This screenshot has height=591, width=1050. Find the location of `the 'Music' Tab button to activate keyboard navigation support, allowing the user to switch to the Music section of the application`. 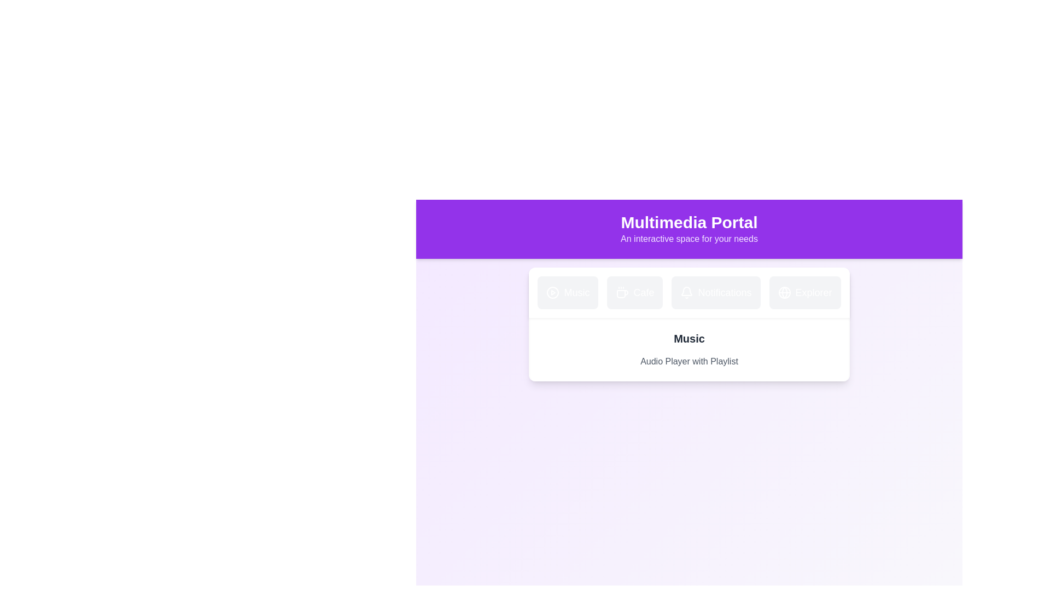

the 'Music' Tab button to activate keyboard navigation support, allowing the user to switch to the Music section of the application is located at coordinates (568, 292).